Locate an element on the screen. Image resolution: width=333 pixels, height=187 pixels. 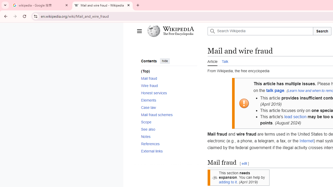
'edit' is located at coordinates (244, 164).